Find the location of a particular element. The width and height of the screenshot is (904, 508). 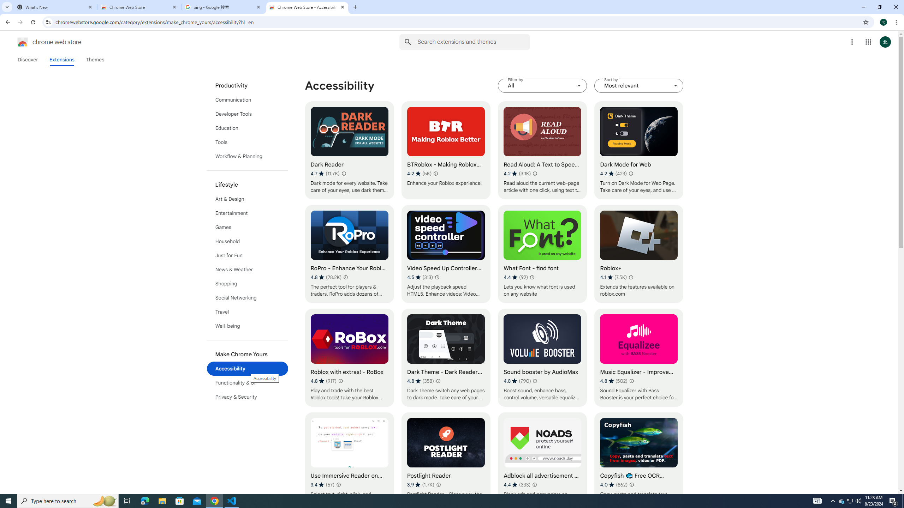

'Privacy & Security' is located at coordinates (248, 396).